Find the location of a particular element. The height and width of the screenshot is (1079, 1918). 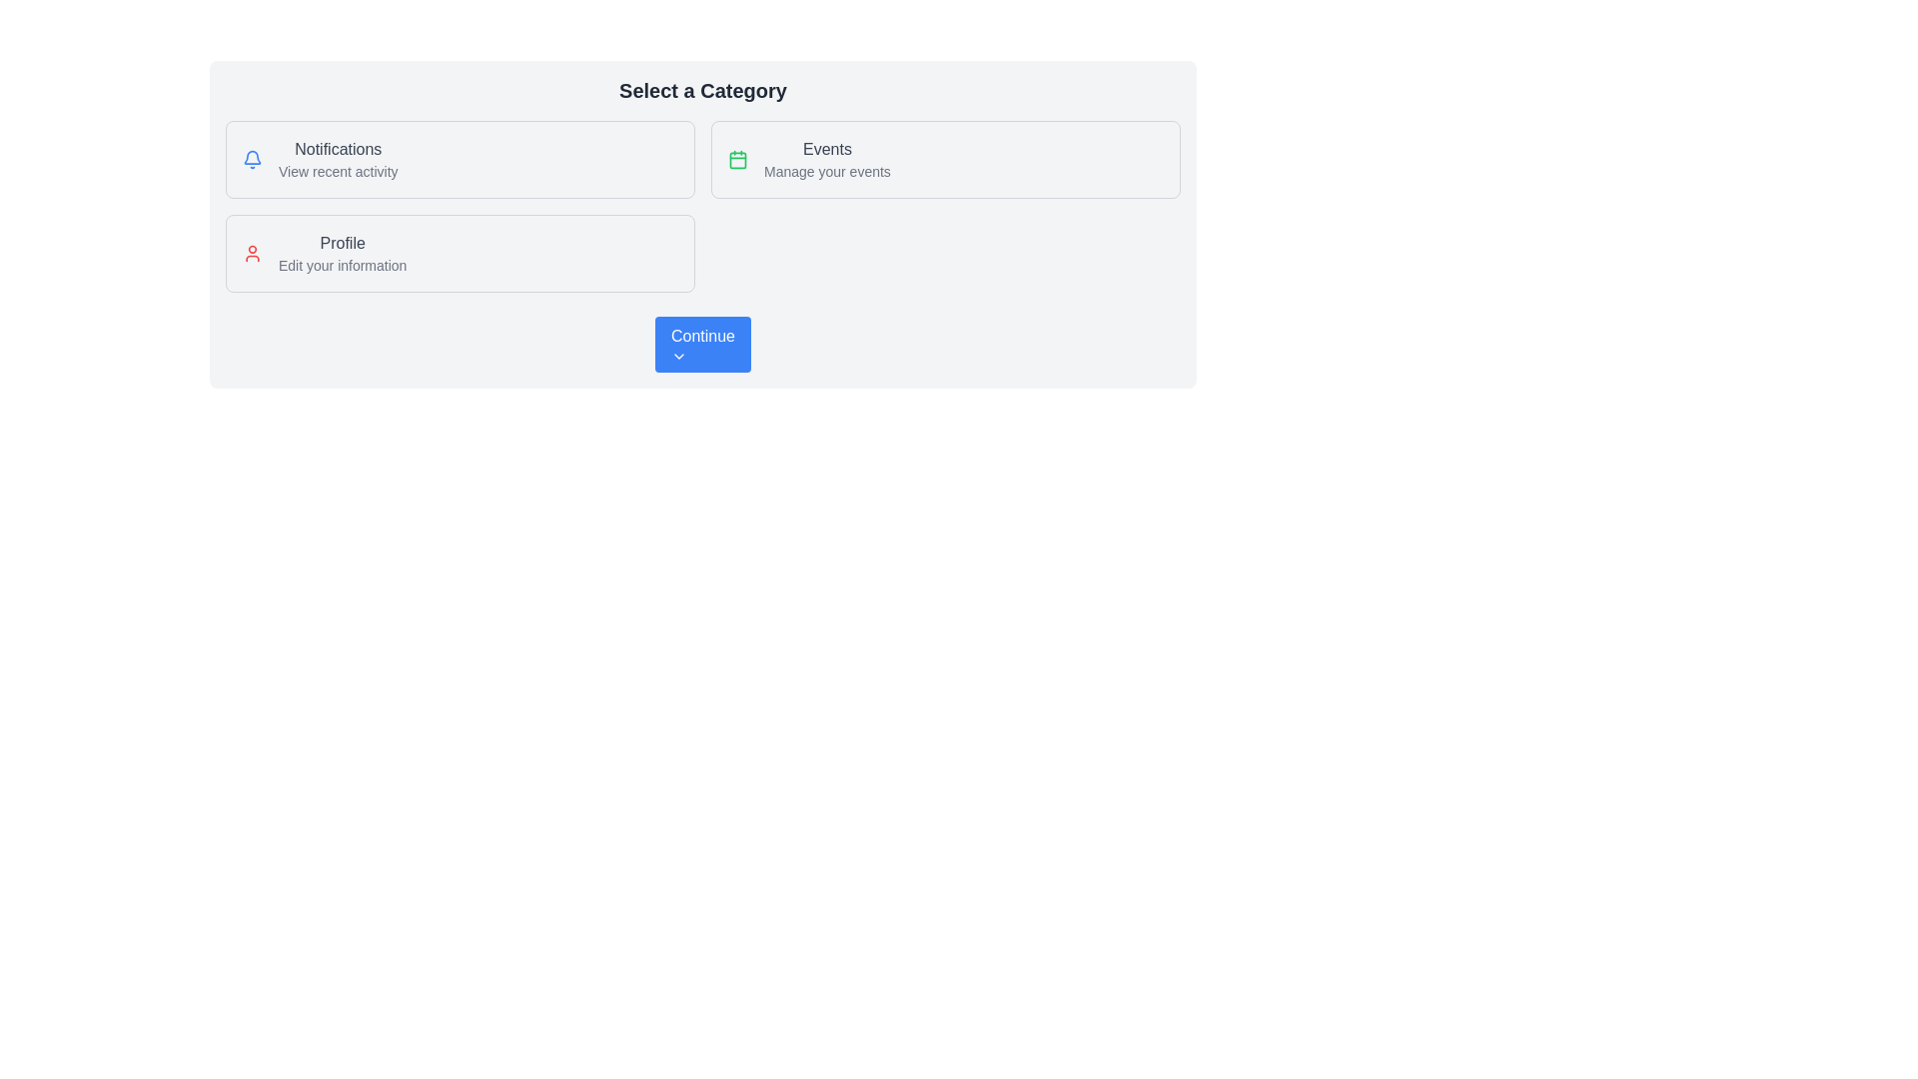

static text element displaying 'View recent activity', which is located directly below the 'Notifications' label in the left segment of the layout is located at coordinates (338, 171).